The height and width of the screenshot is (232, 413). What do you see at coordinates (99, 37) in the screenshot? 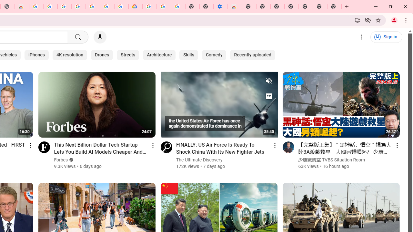
I see `'Search with your voice'` at bounding box center [99, 37].